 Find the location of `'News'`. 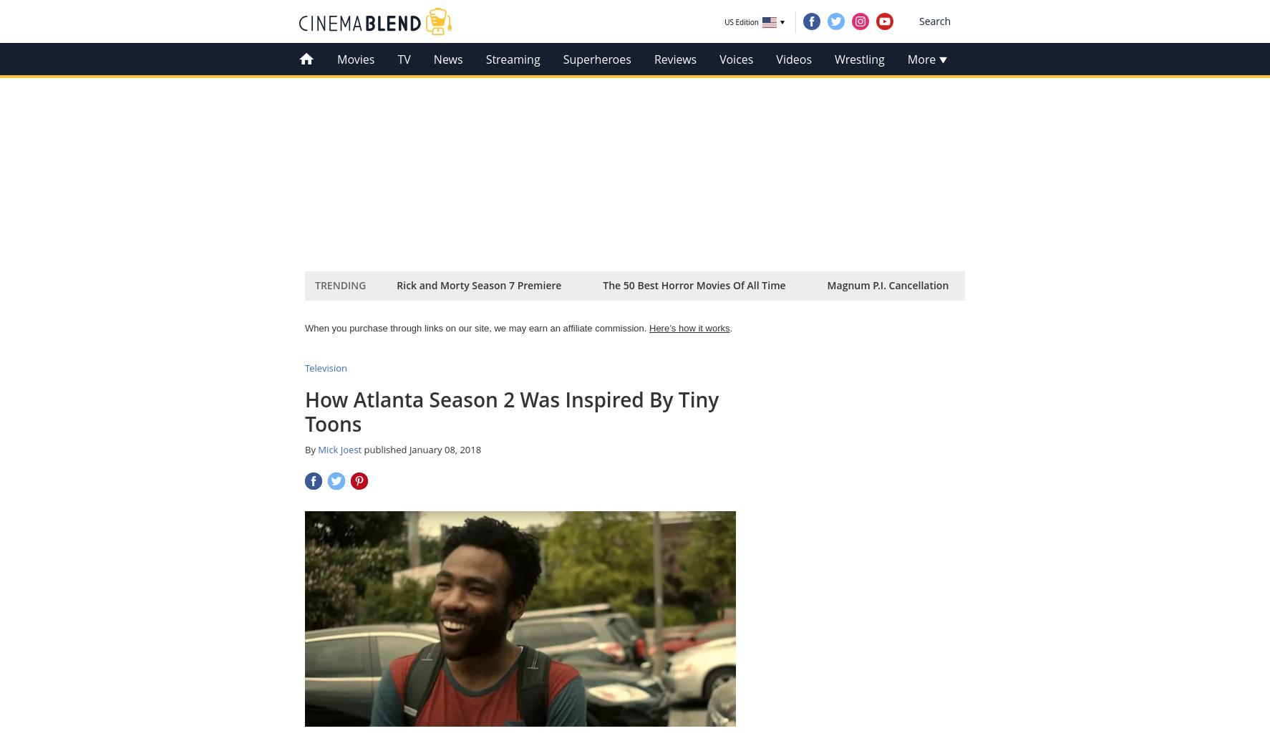

'News' is located at coordinates (447, 58).